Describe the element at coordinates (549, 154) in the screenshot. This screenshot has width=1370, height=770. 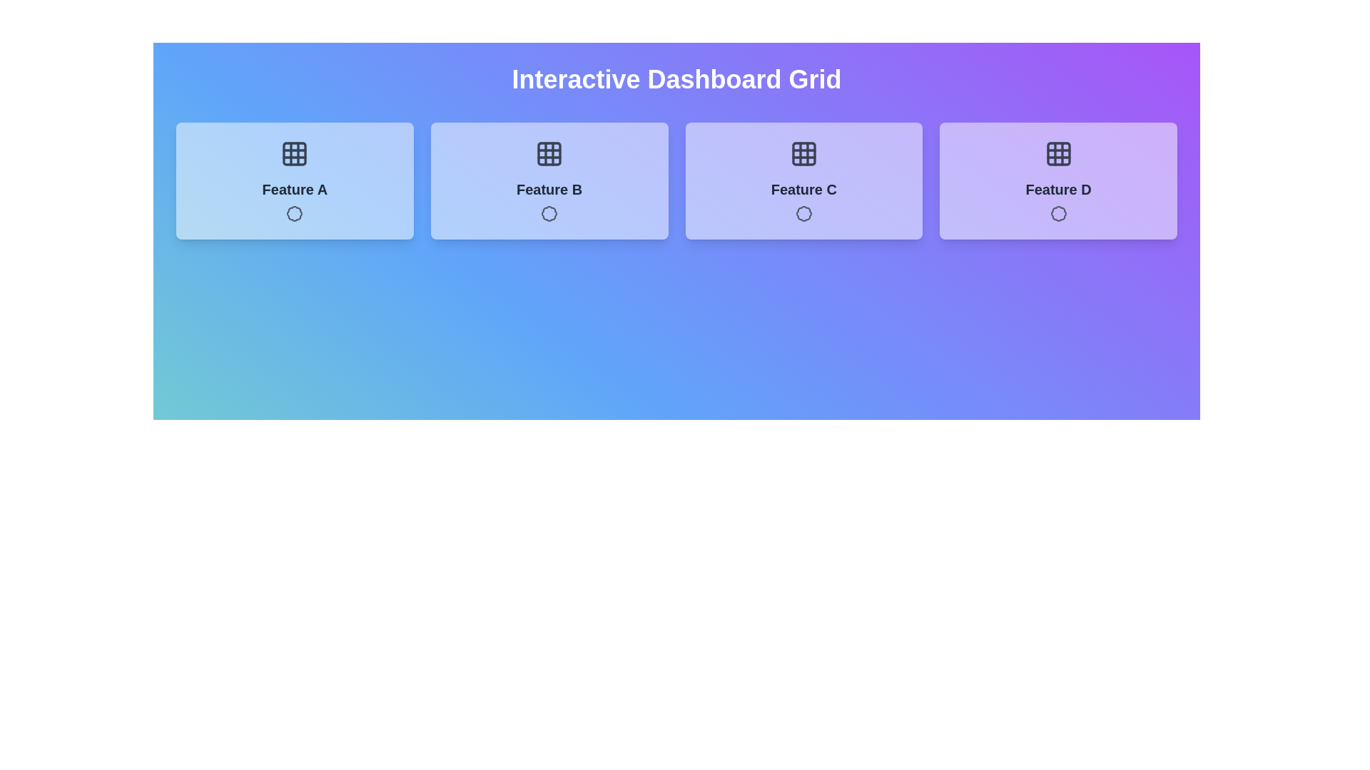
I see `the 3x3 grid icon with rounded edges, styled in dark gray, located above the text 'Feature B' within a blue card background` at that location.